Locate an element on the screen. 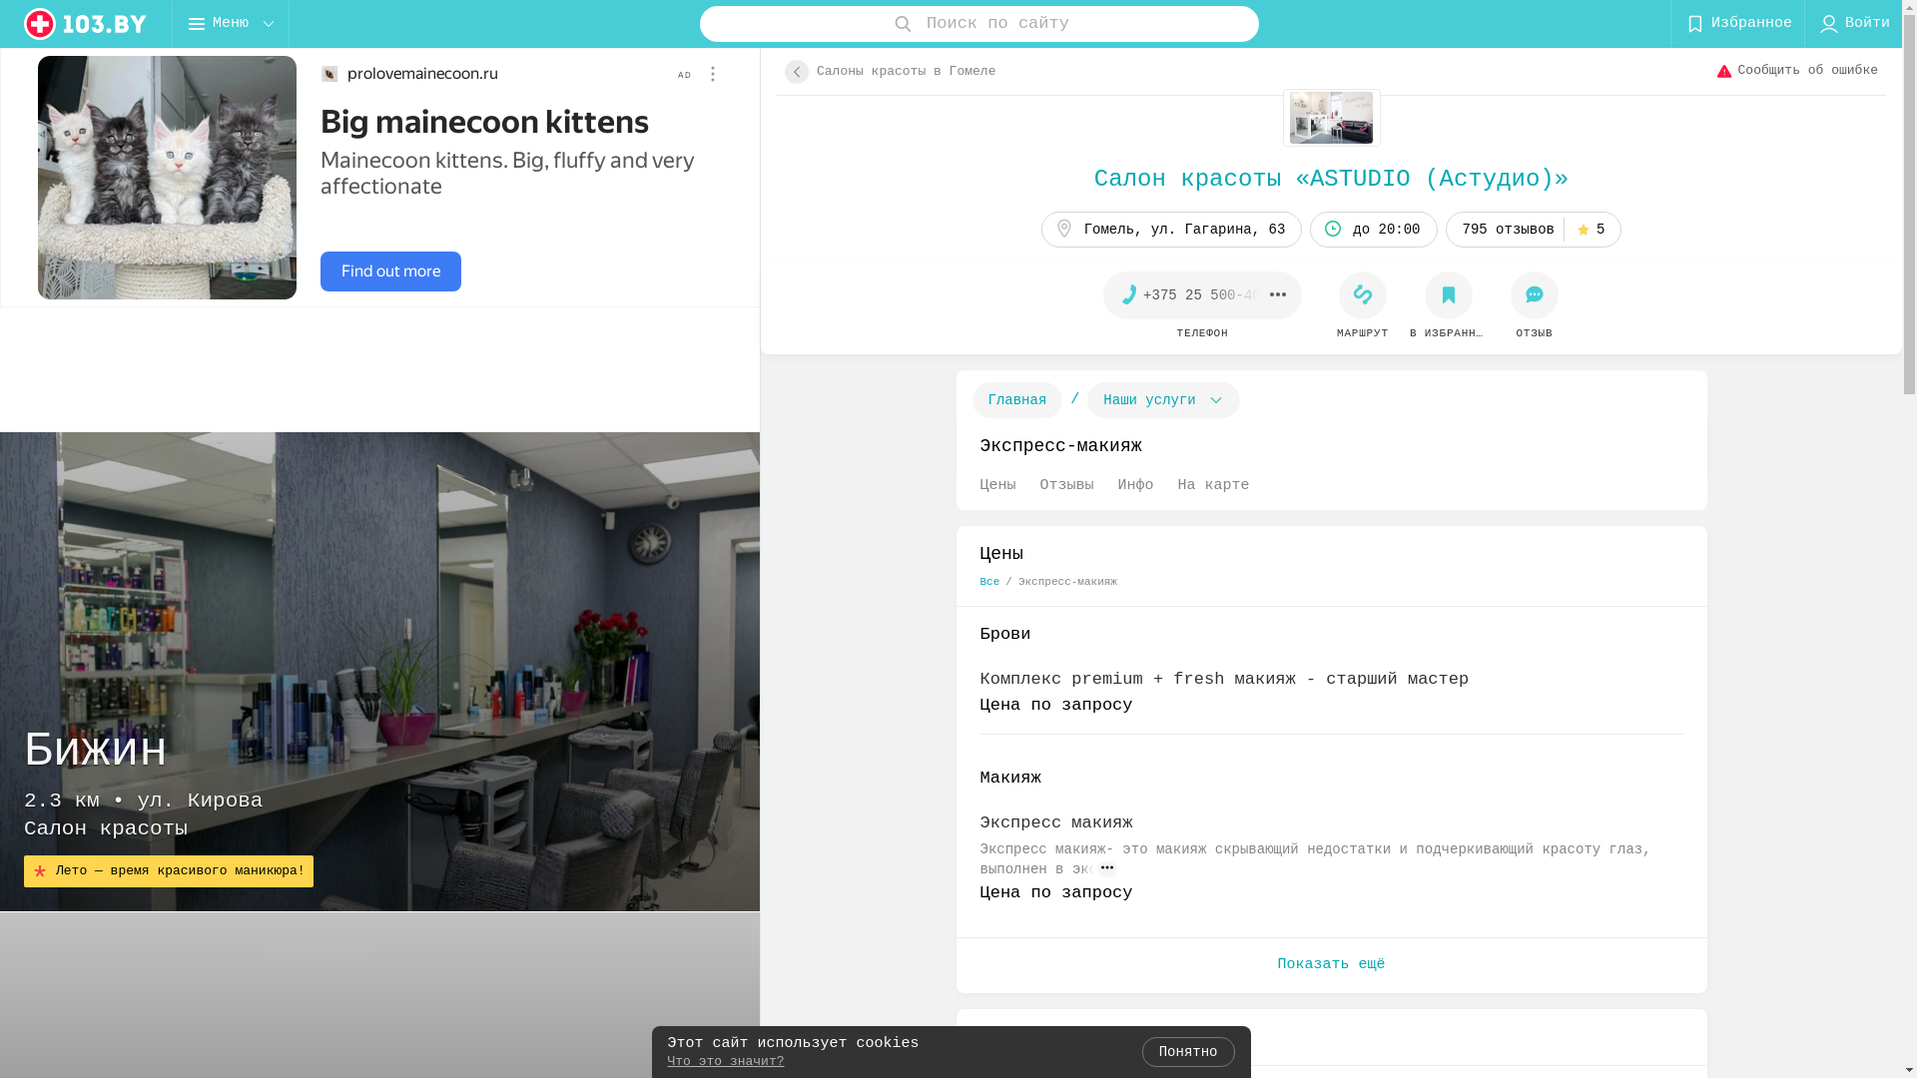  'logo' is located at coordinates (85, 23).